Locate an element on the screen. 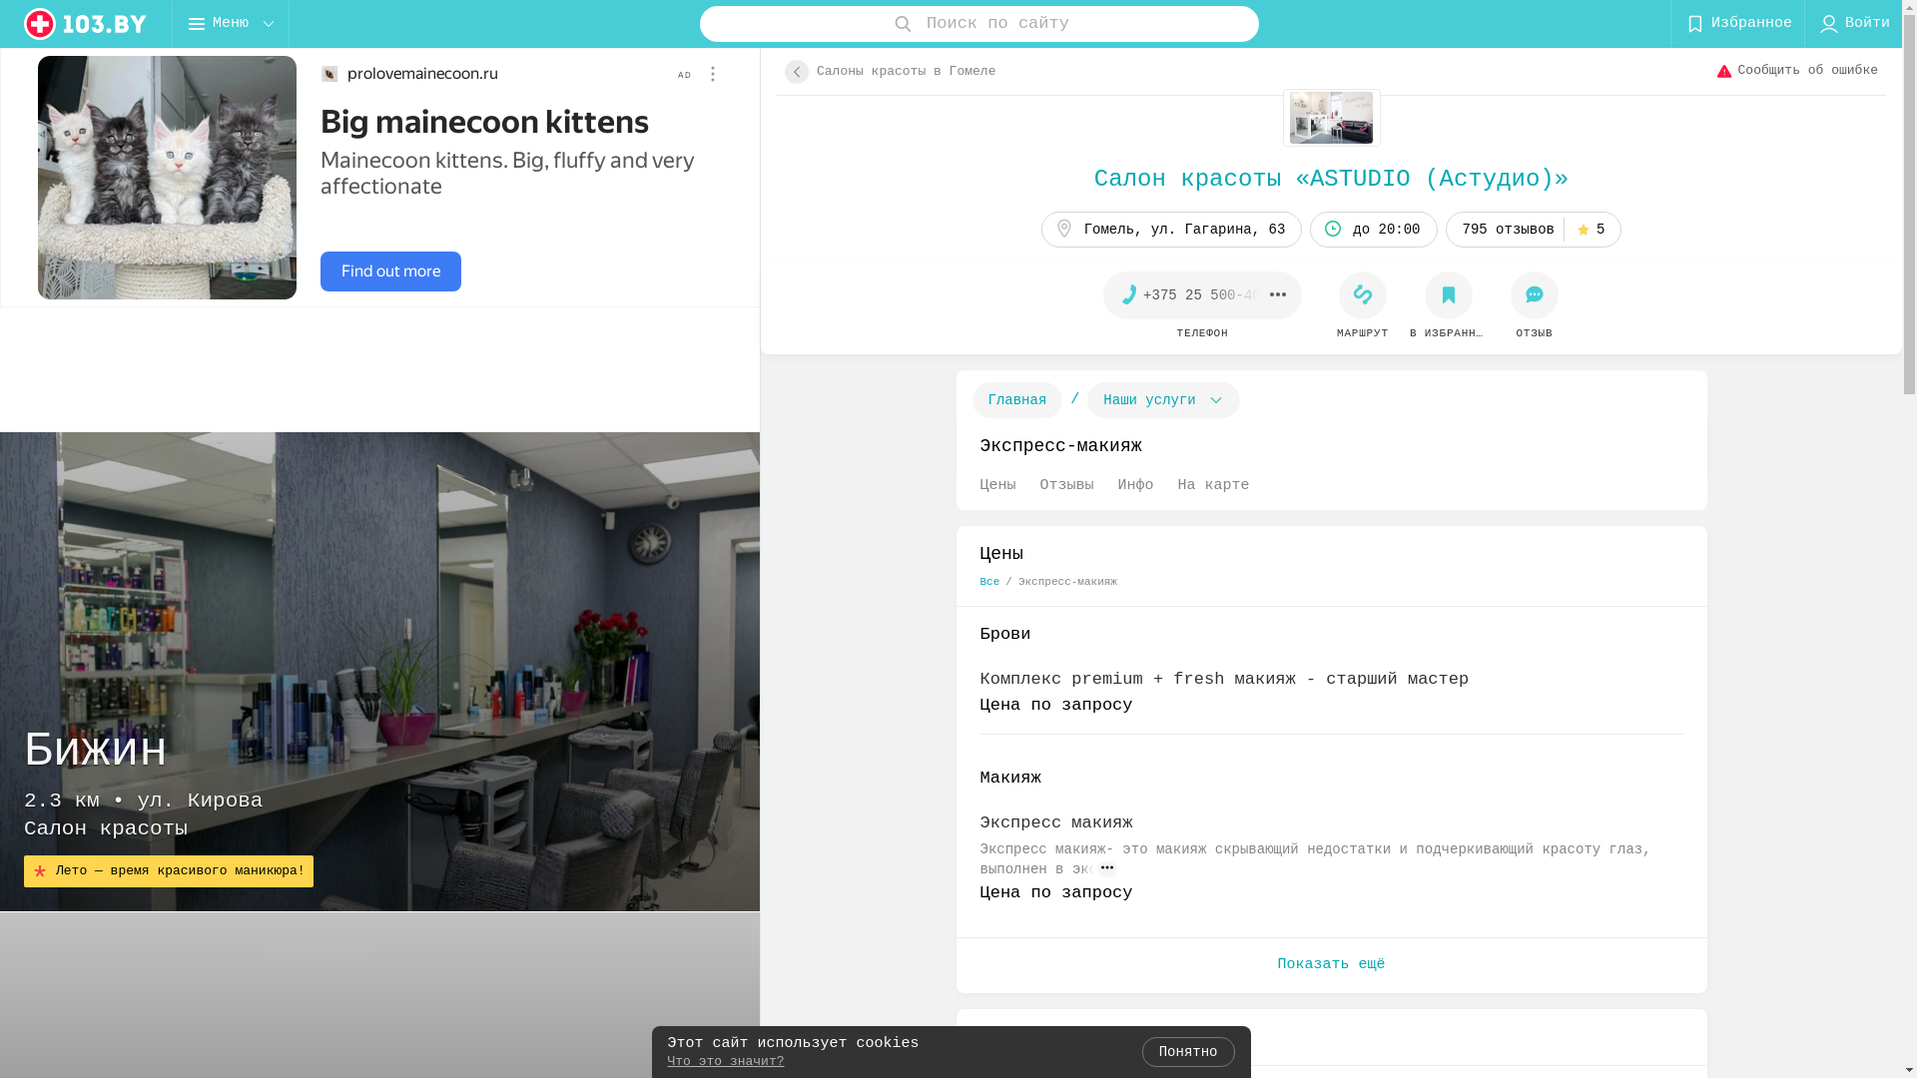  'logo' is located at coordinates (85, 23).